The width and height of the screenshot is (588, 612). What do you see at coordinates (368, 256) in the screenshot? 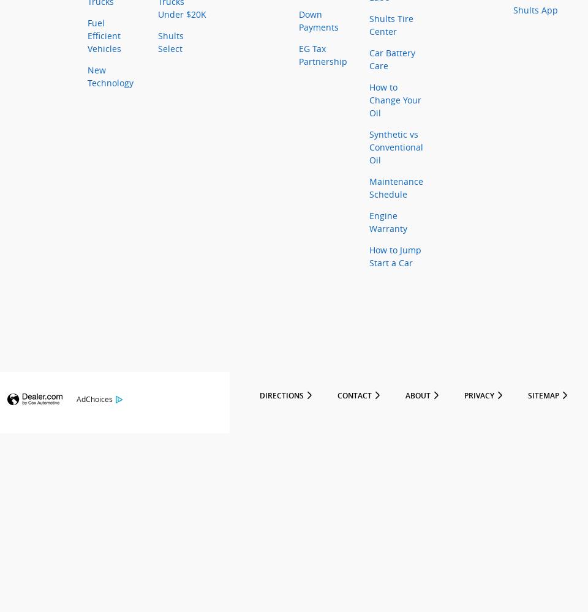
I see `'How to Jump Start a Car'` at bounding box center [368, 256].